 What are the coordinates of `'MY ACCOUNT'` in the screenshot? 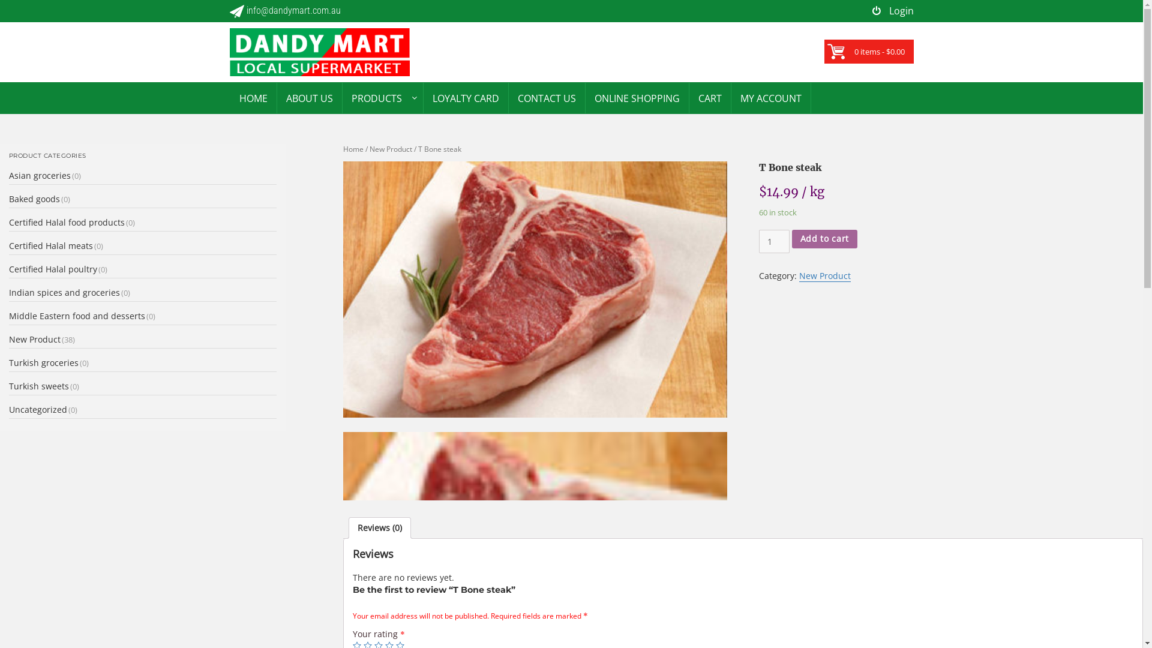 It's located at (770, 97).